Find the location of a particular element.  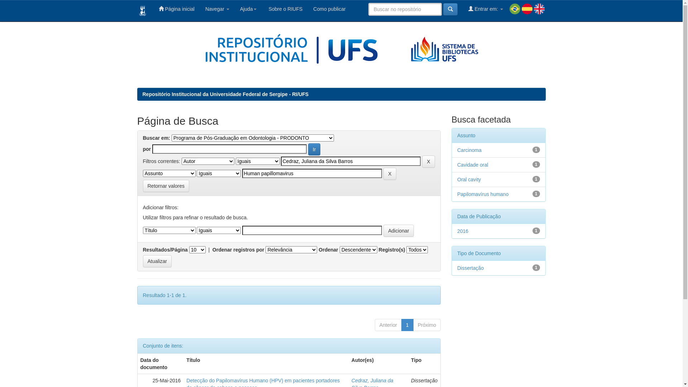

'Retornar valores' is located at coordinates (165, 186).